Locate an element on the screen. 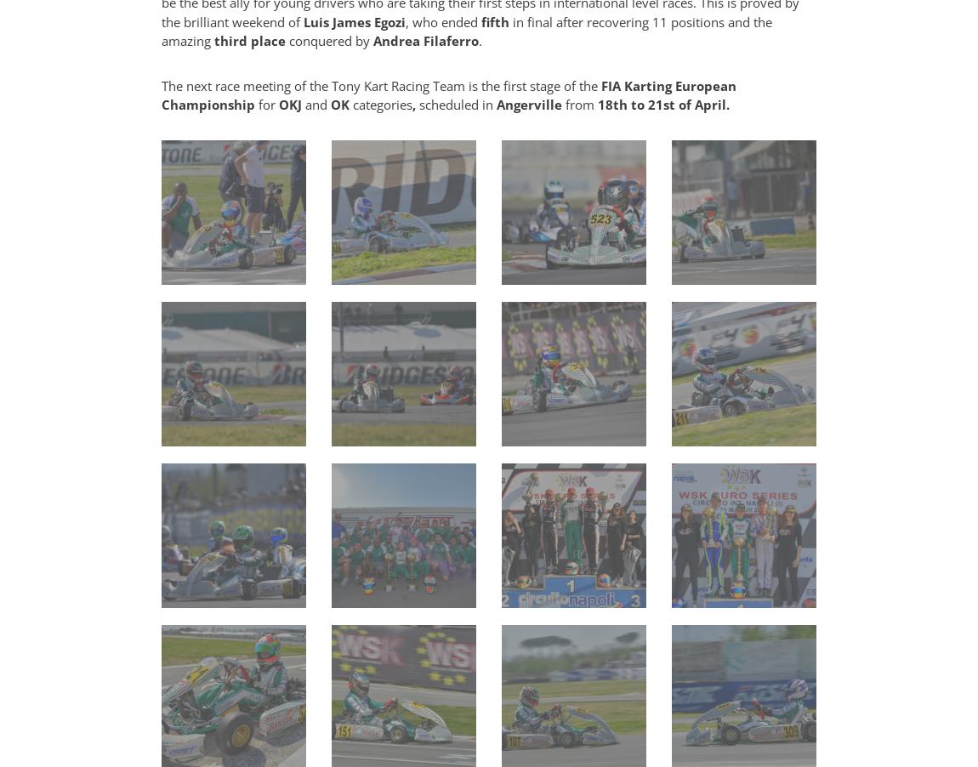  'categories' is located at coordinates (382, 105).